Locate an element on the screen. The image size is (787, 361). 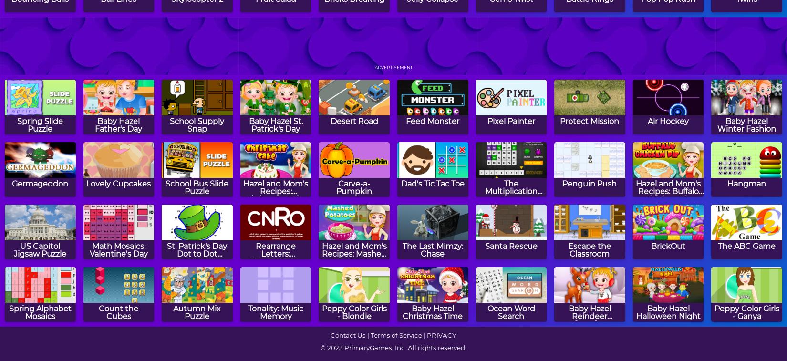
'Tonality: Music Memory' is located at coordinates (248, 312).